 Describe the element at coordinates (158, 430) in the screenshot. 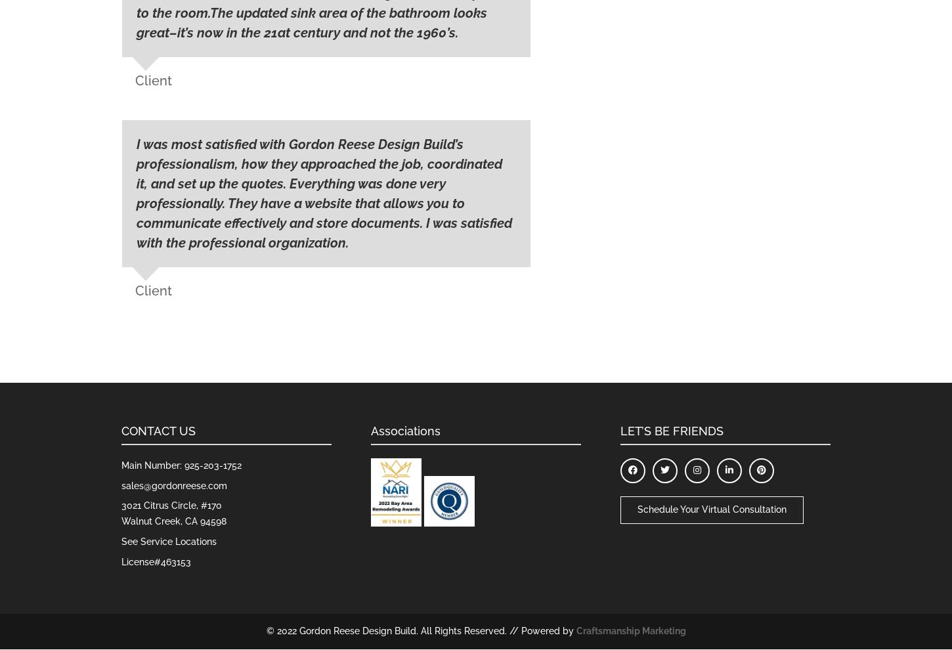

I see `'CONTACT US'` at that location.